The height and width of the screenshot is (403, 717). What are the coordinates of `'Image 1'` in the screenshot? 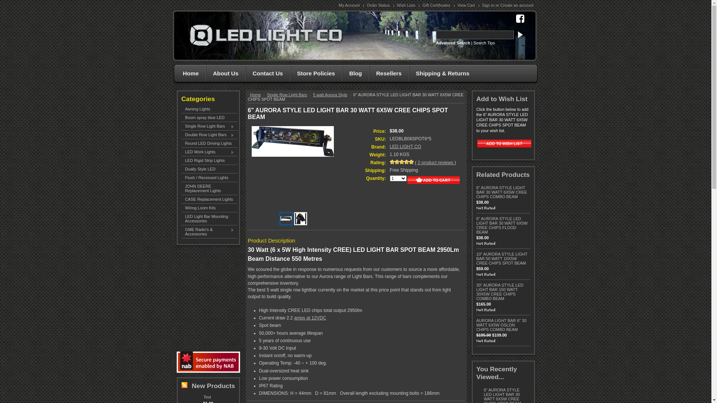 It's located at (292, 141).